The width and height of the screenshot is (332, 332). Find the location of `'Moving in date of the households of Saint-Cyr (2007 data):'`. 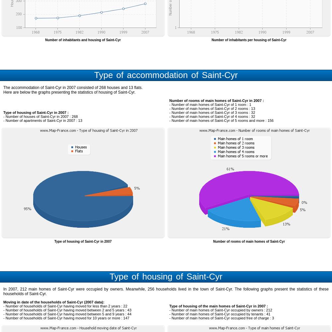

'Moving in date of the households of Saint-Cyr (2007 data):' is located at coordinates (3, 302).